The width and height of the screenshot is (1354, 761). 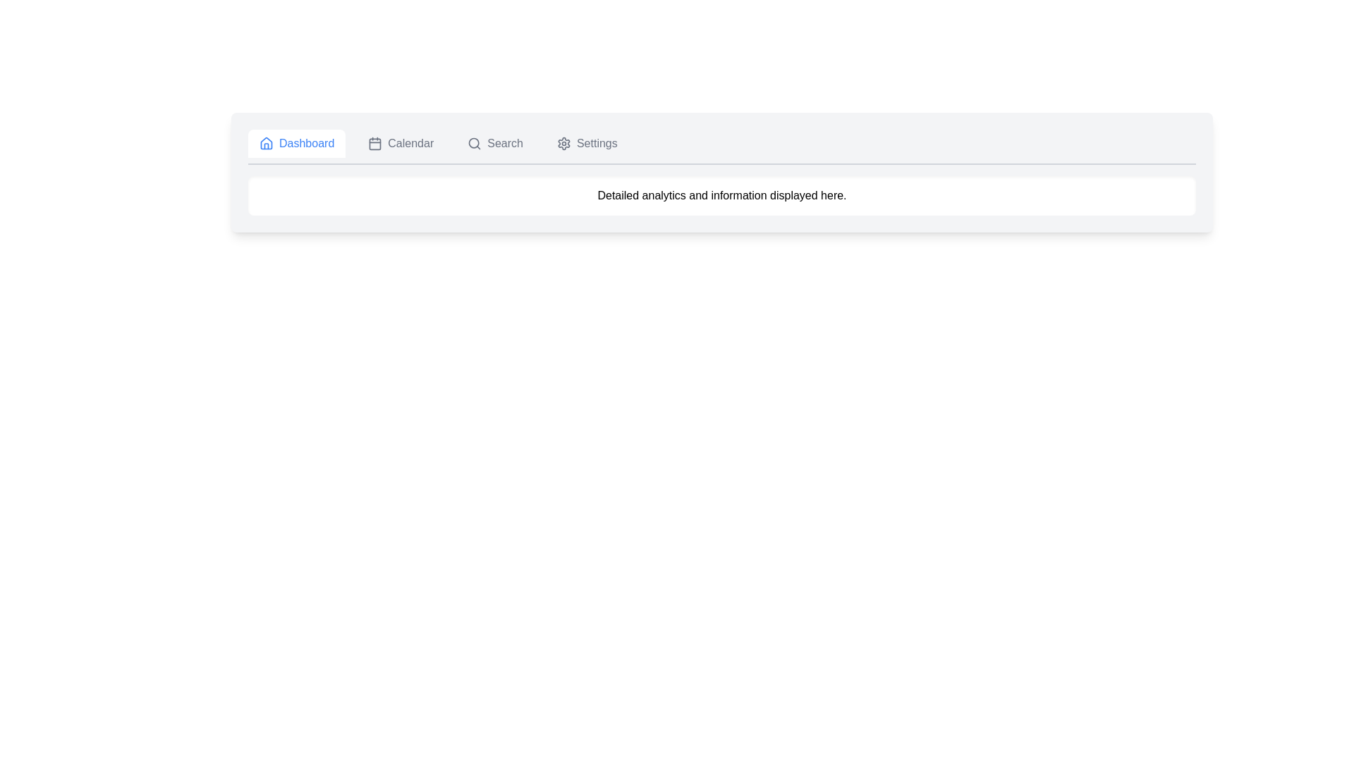 I want to click on the calendar icon located in the navigation bar, so click(x=375, y=144).